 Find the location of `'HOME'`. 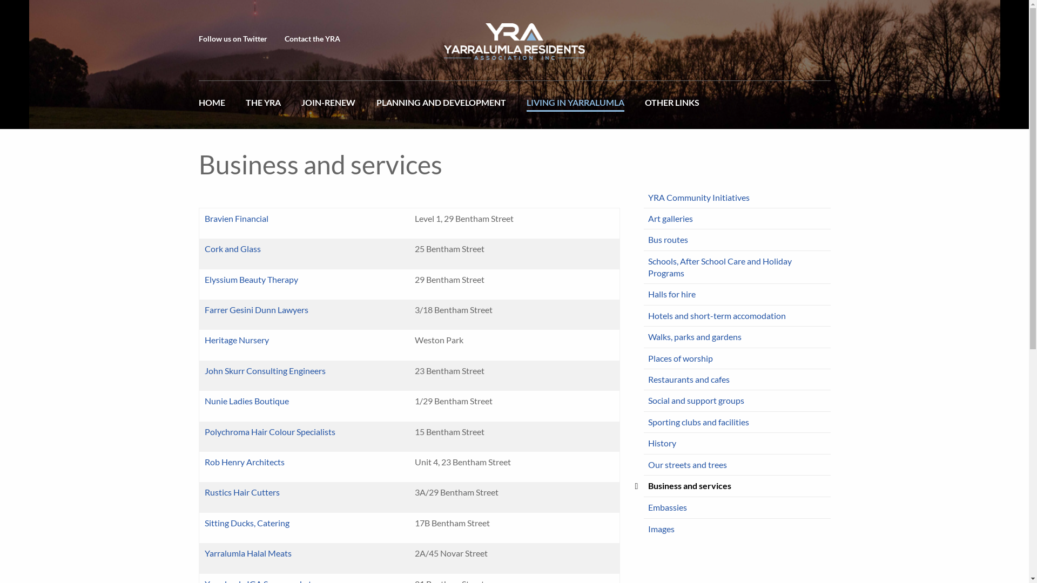

'HOME' is located at coordinates (217, 105).